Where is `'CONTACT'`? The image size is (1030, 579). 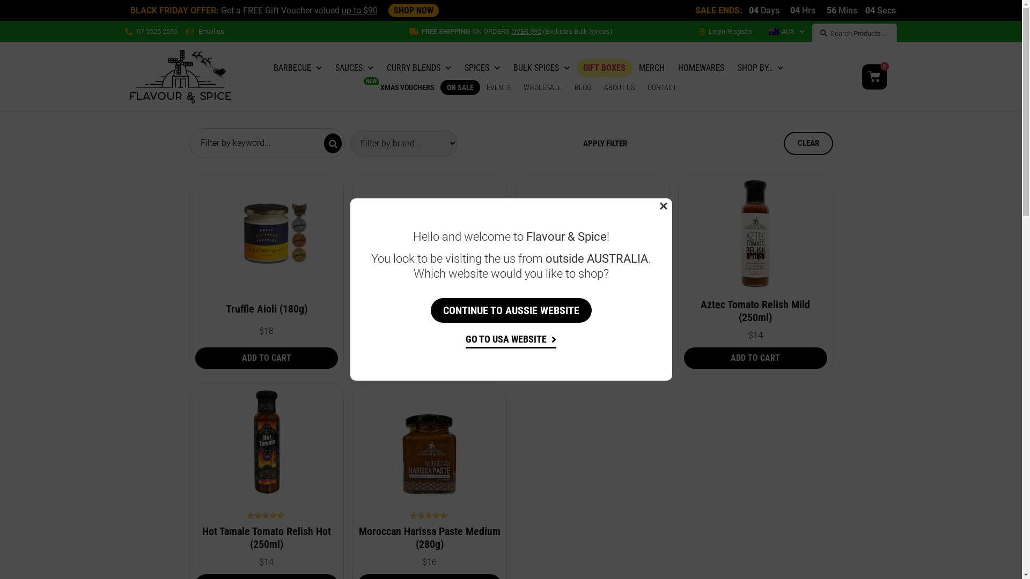 'CONTACT' is located at coordinates (661, 86).